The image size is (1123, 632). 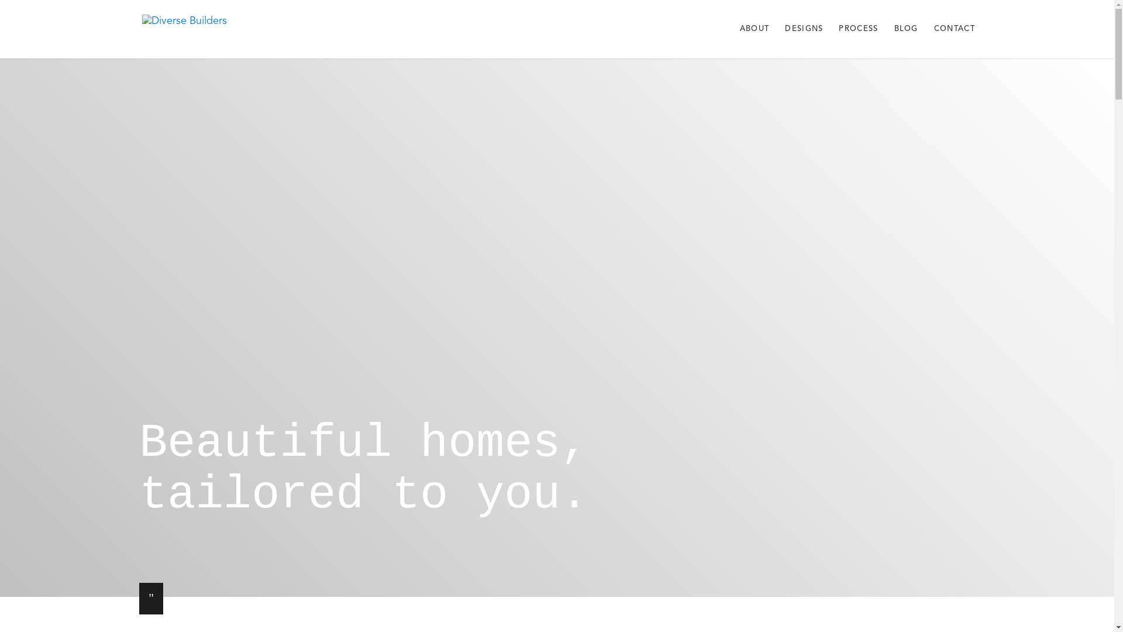 I want to click on 'CONTACT', so click(x=933, y=41).